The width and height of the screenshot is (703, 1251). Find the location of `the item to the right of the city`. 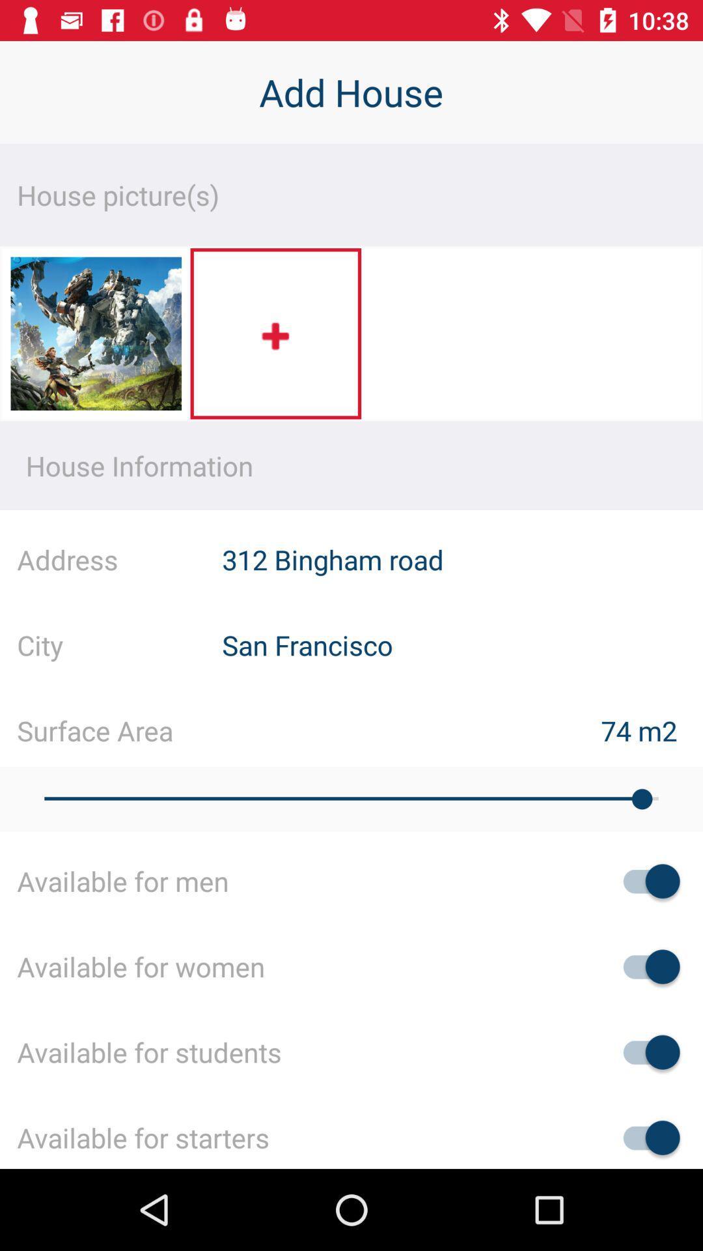

the item to the right of the city is located at coordinates (462, 644).